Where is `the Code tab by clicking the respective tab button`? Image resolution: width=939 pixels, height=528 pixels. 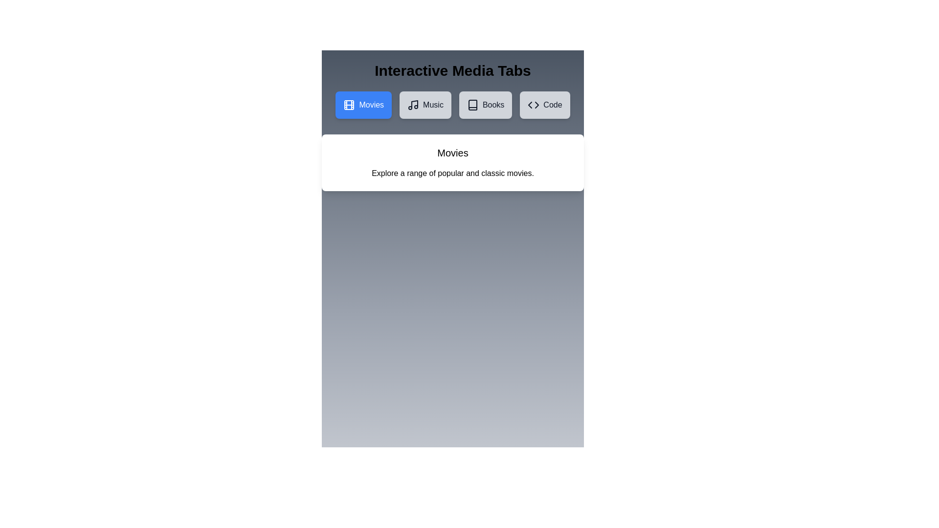
the Code tab by clicking the respective tab button is located at coordinates (544, 105).